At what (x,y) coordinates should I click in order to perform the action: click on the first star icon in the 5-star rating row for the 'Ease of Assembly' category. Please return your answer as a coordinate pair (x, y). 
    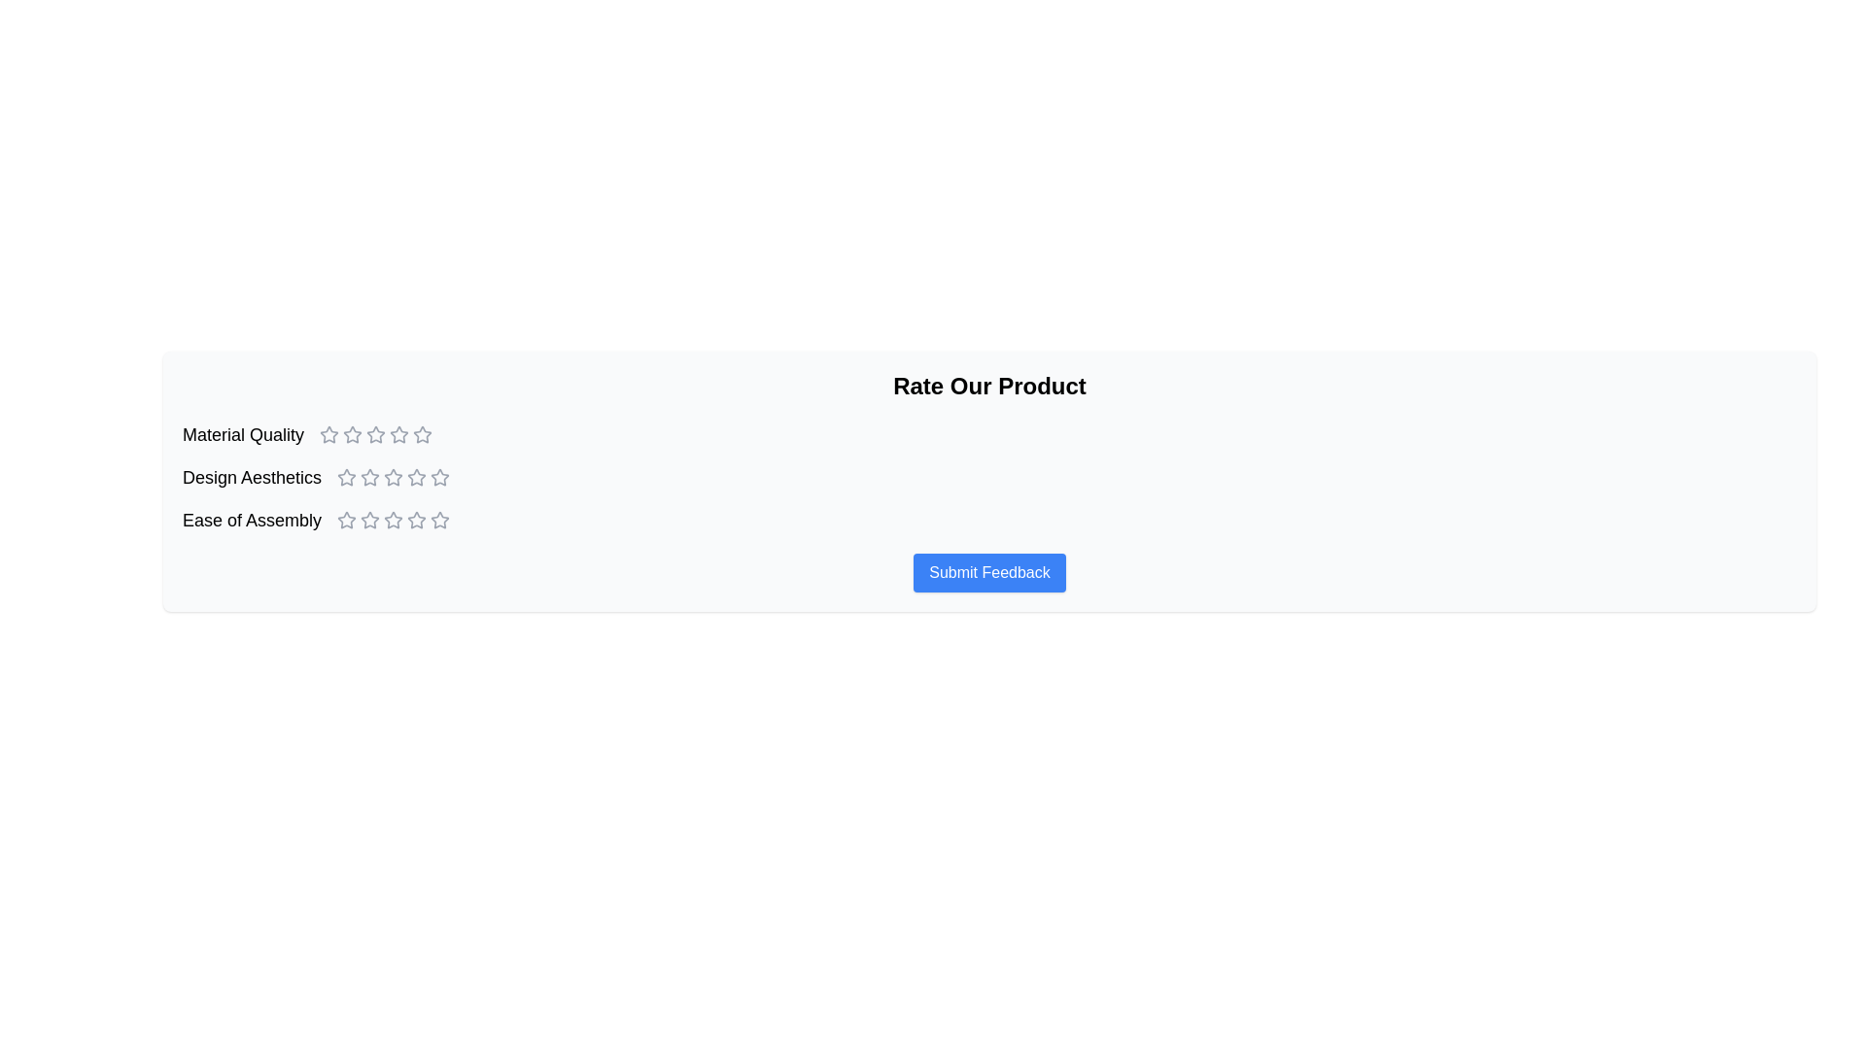
    Looking at the image, I should click on (346, 519).